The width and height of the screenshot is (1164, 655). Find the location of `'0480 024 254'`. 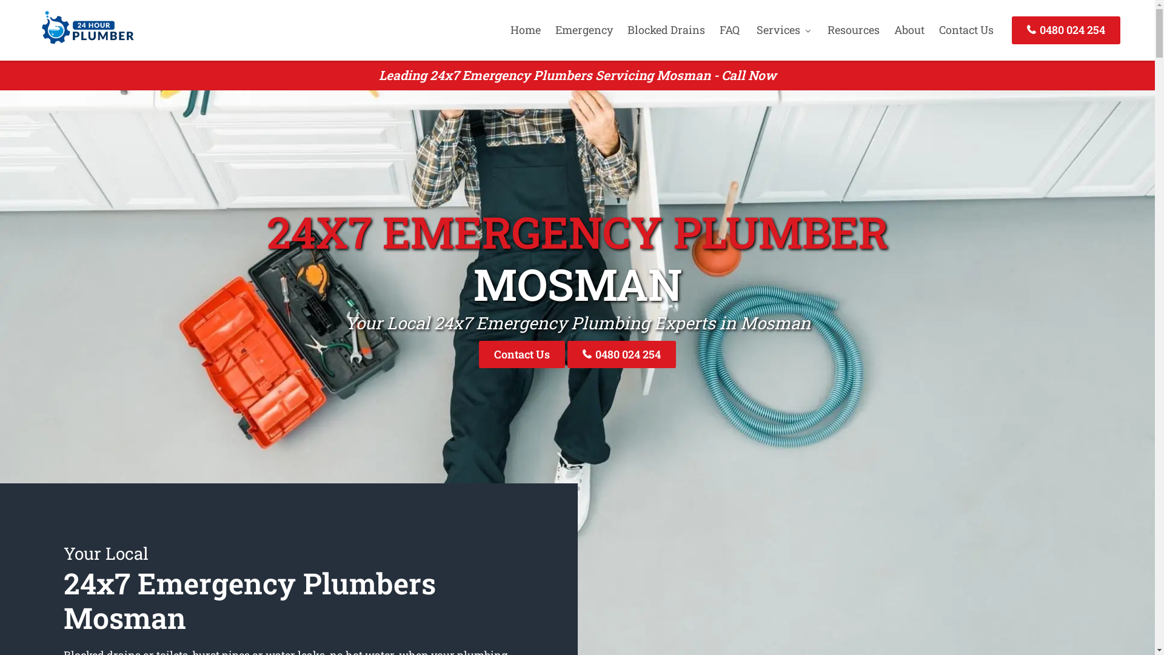

'0480 024 254' is located at coordinates (567, 354).